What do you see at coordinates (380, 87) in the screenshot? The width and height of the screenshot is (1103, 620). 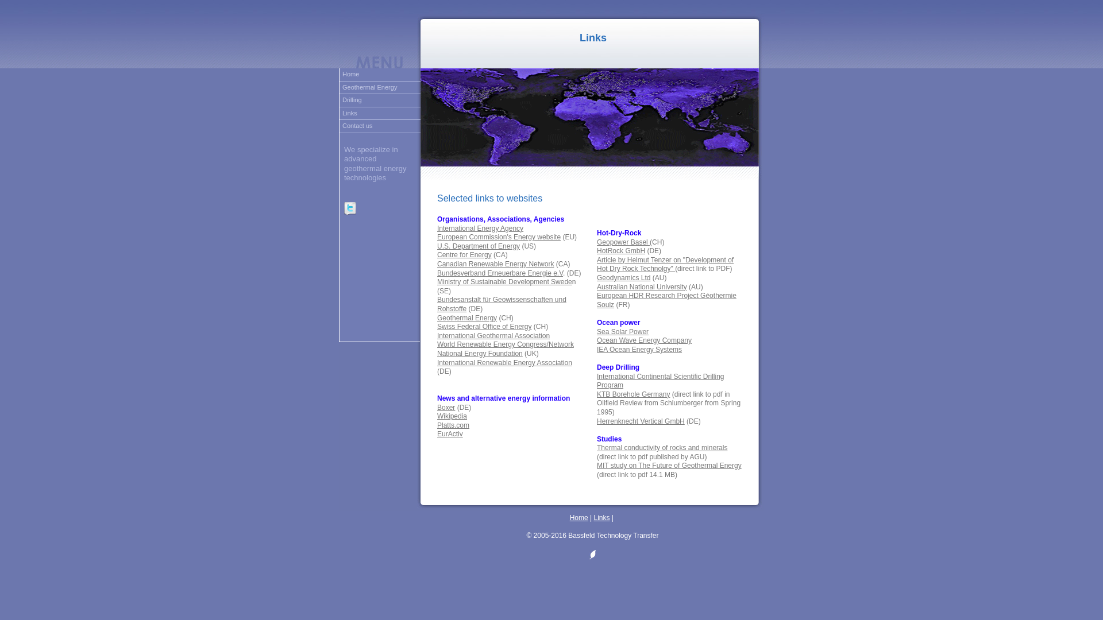 I see `'Geothermal Energy'` at bounding box center [380, 87].